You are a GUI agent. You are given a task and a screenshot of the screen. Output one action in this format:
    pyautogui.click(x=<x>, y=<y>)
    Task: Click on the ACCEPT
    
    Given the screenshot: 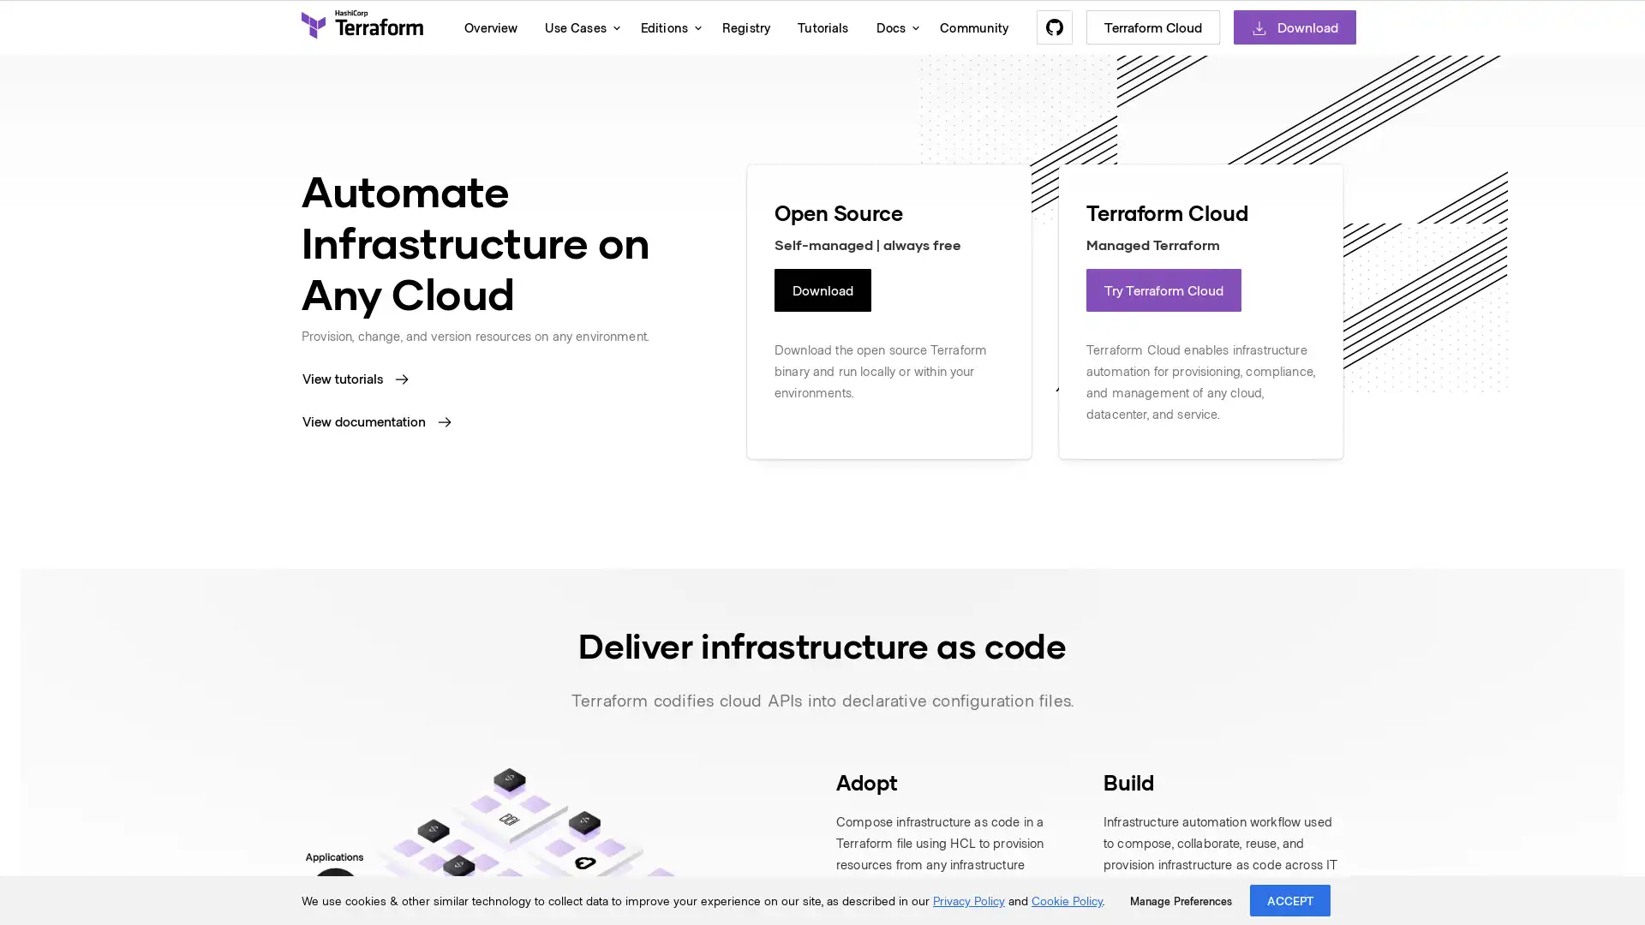 What is the action you would take?
    pyautogui.click(x=1290, y=899)
    